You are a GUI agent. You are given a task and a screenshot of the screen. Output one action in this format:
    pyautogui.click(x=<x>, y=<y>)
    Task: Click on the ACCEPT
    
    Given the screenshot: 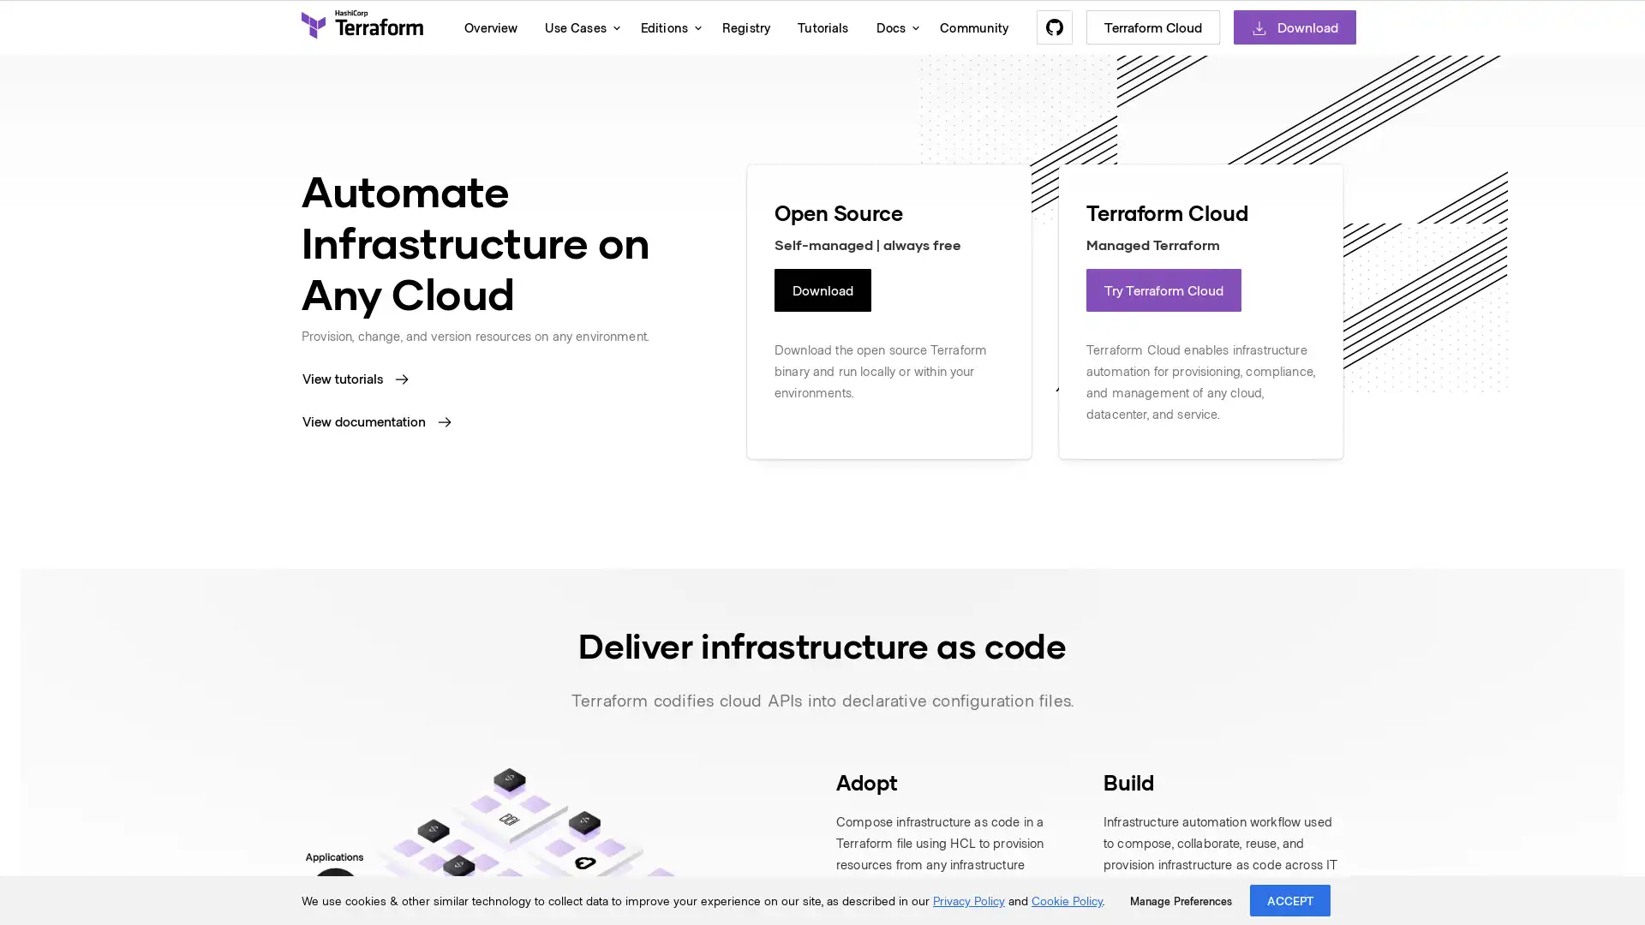 What is the action you would take?
    pyautogui.click(x=1290, y=899)
    